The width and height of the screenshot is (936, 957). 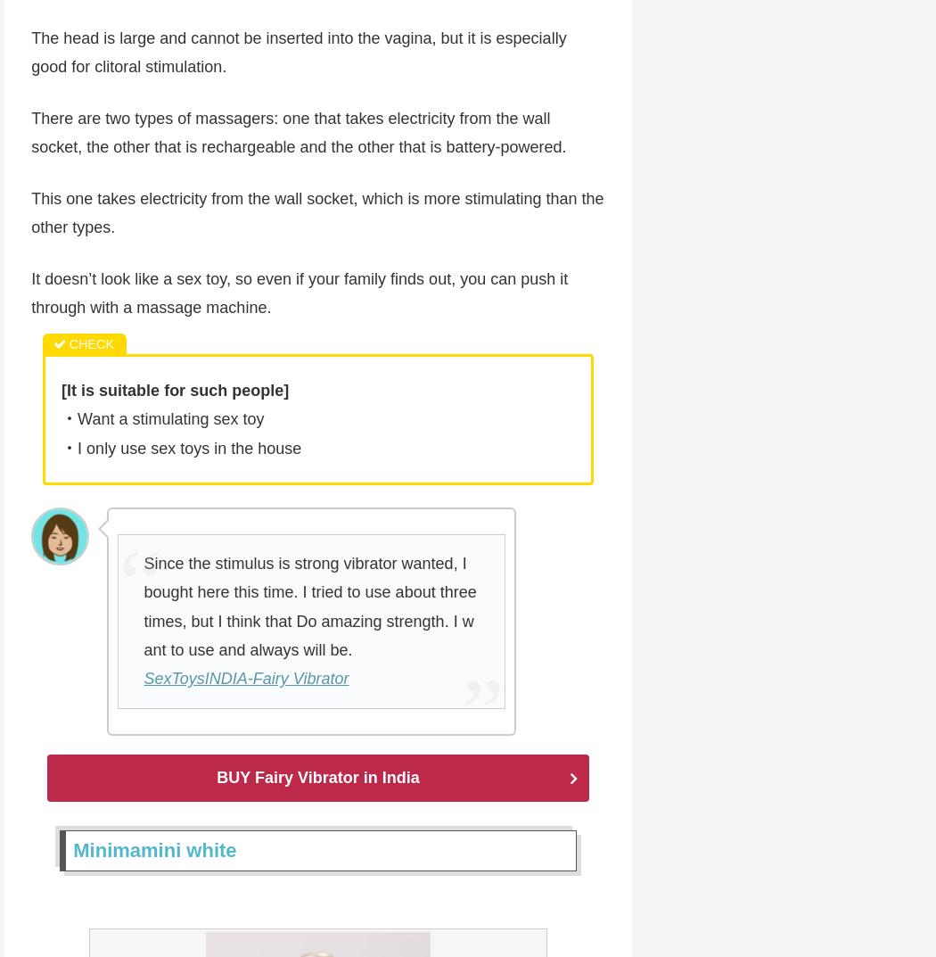 What do you see at coordinates (143, 680) in the screenshot?
I see `'SexToysINDIA-Fairy Vibrator'` at bounding box center [143, 680].